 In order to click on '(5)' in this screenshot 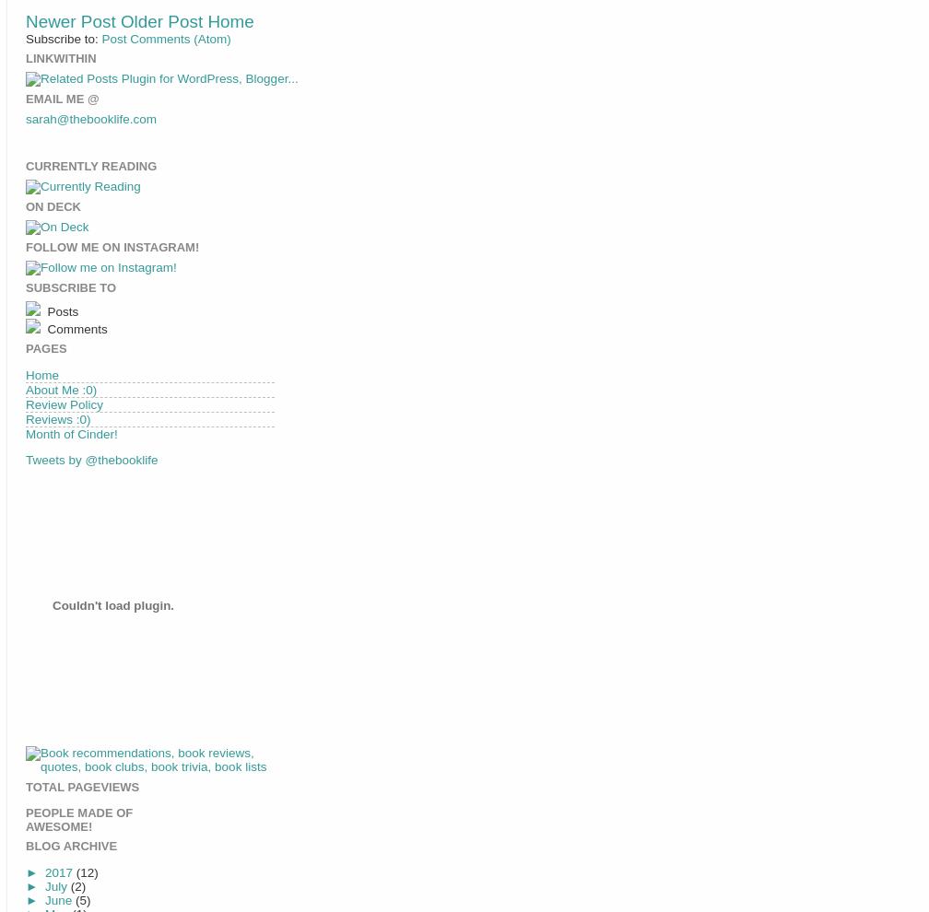, I will do `click(82, 899)`.